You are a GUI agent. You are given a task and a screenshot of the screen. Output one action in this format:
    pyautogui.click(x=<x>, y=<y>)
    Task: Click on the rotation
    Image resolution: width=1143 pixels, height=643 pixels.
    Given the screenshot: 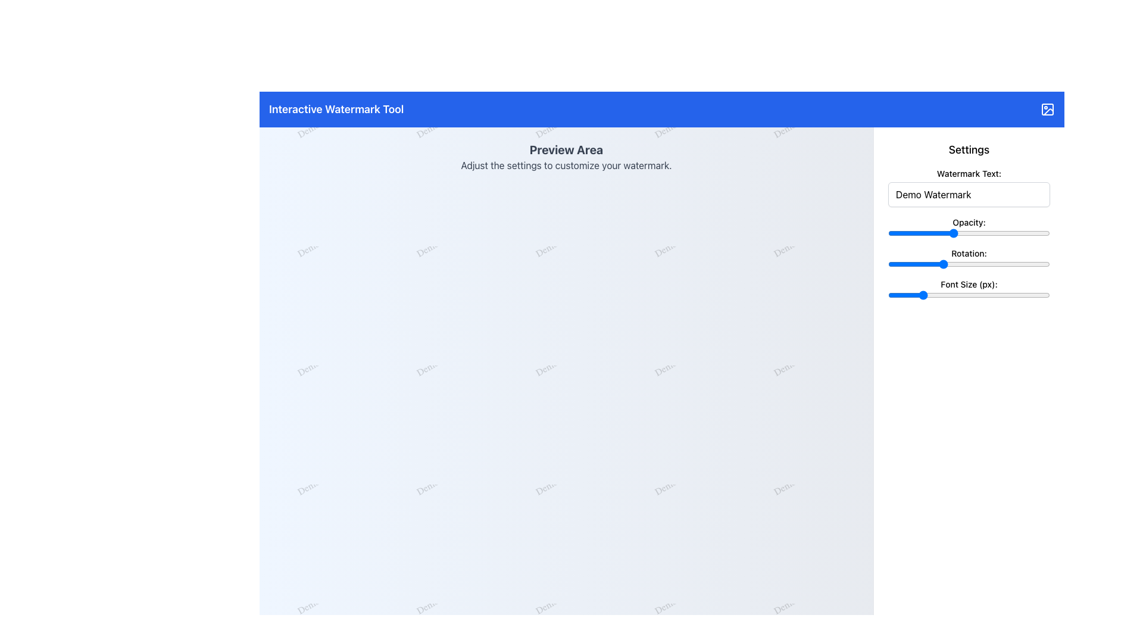 What is the action you would take?
    pyautogui.click(x=991, y=263)
    